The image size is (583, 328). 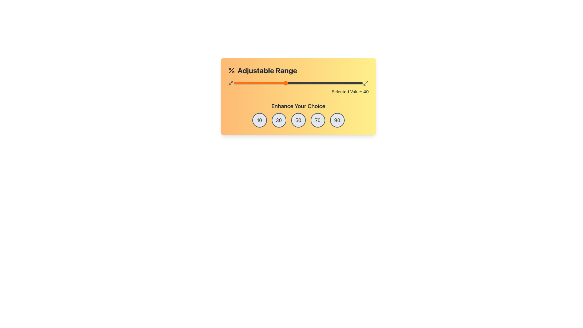 What do you see at coordinates (298, 120) in the screenshot?
I see `the circular button displaying the number '50', which is the third button from the left in a group of similar buttons, located below the slider component` at bounding box center [298, 120].